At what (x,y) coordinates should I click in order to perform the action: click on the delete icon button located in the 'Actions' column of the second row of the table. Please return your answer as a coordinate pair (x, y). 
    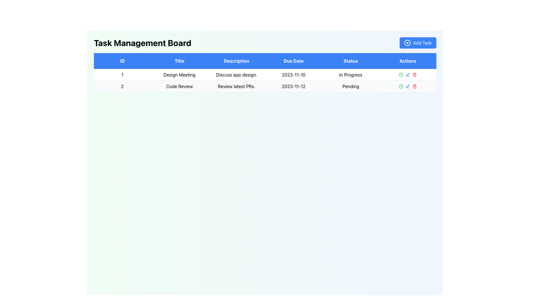
    Looking at the image, I should click on (415, 86).